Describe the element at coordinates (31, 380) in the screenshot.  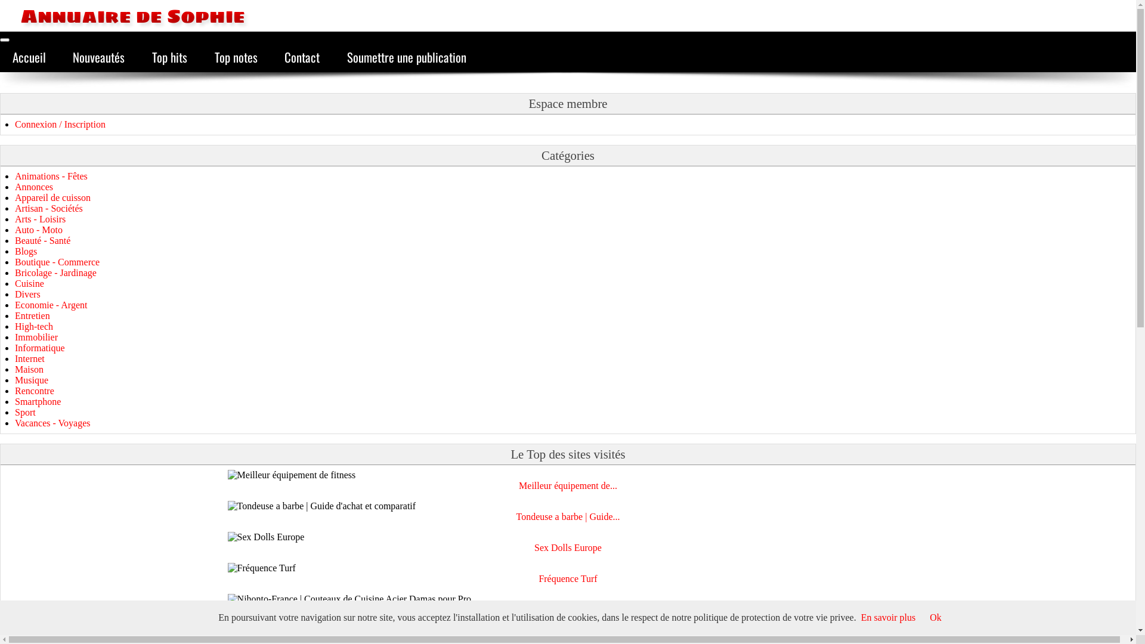
I see `'Musique'` at that location.